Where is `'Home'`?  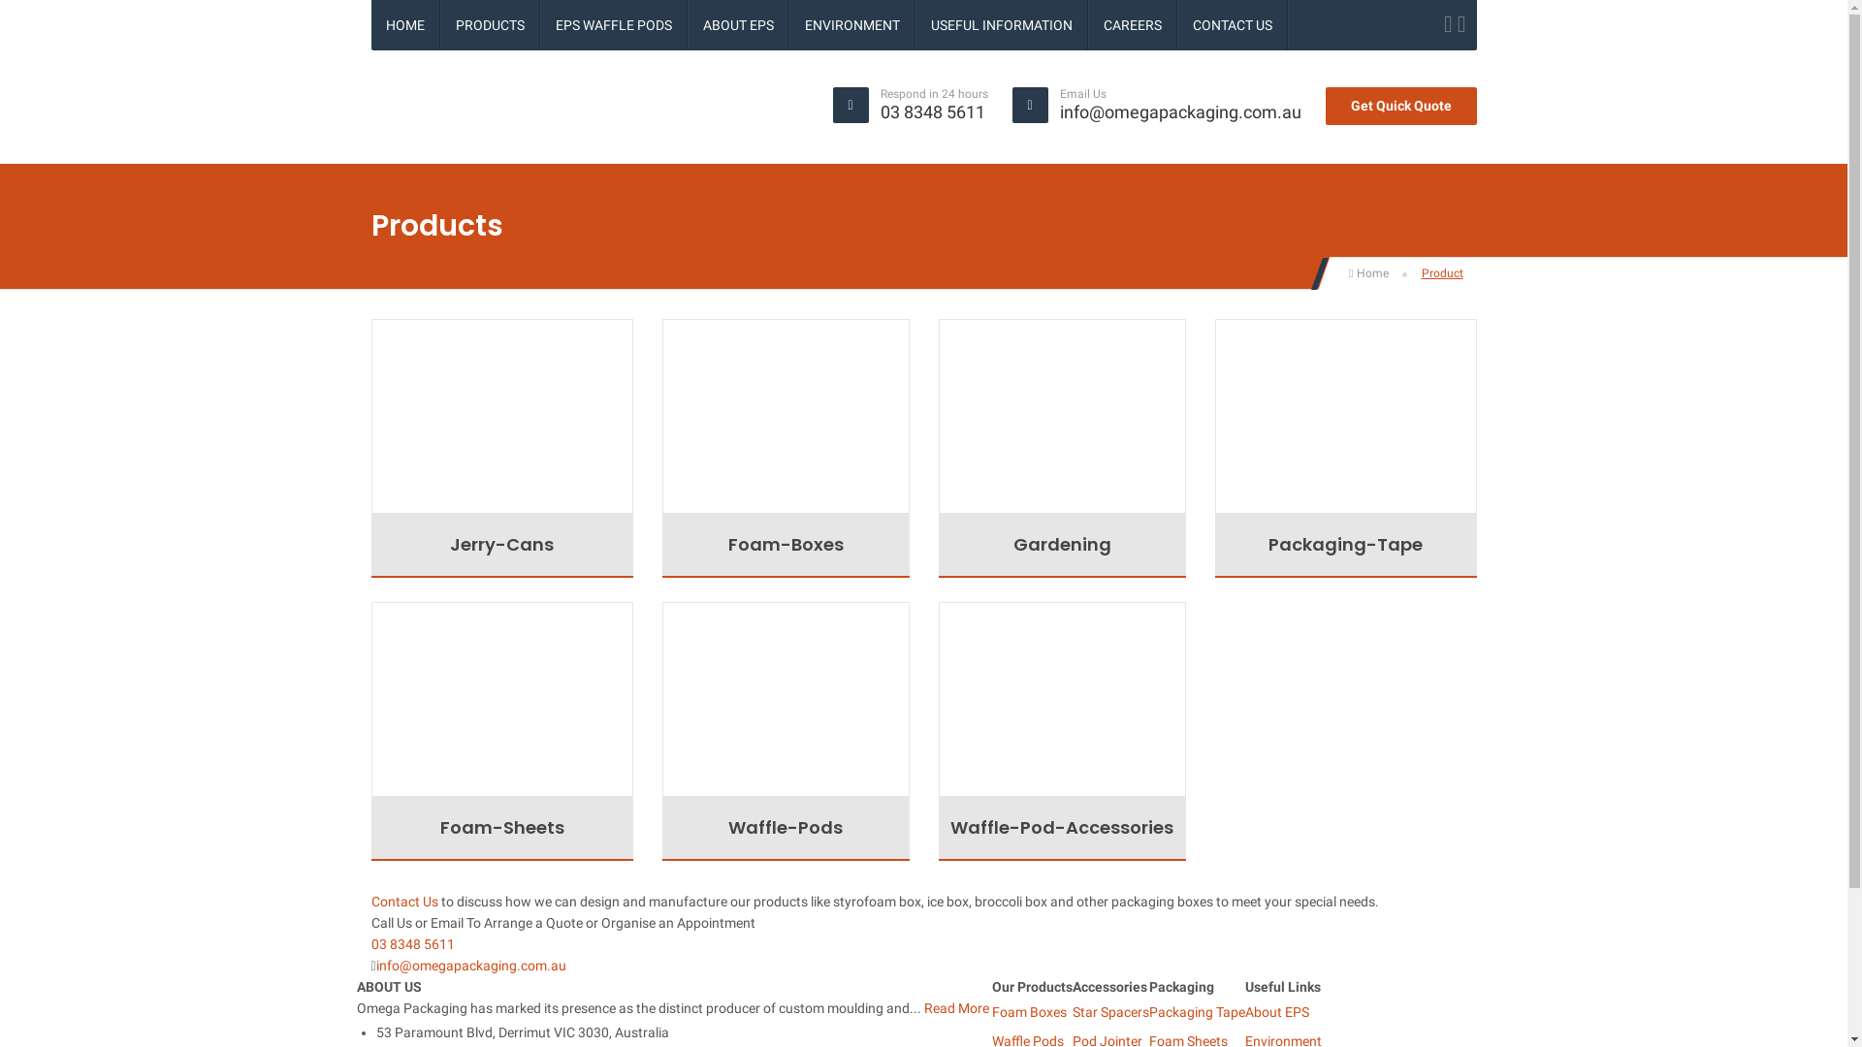
'Home' is located at coordinates (1367, 272).